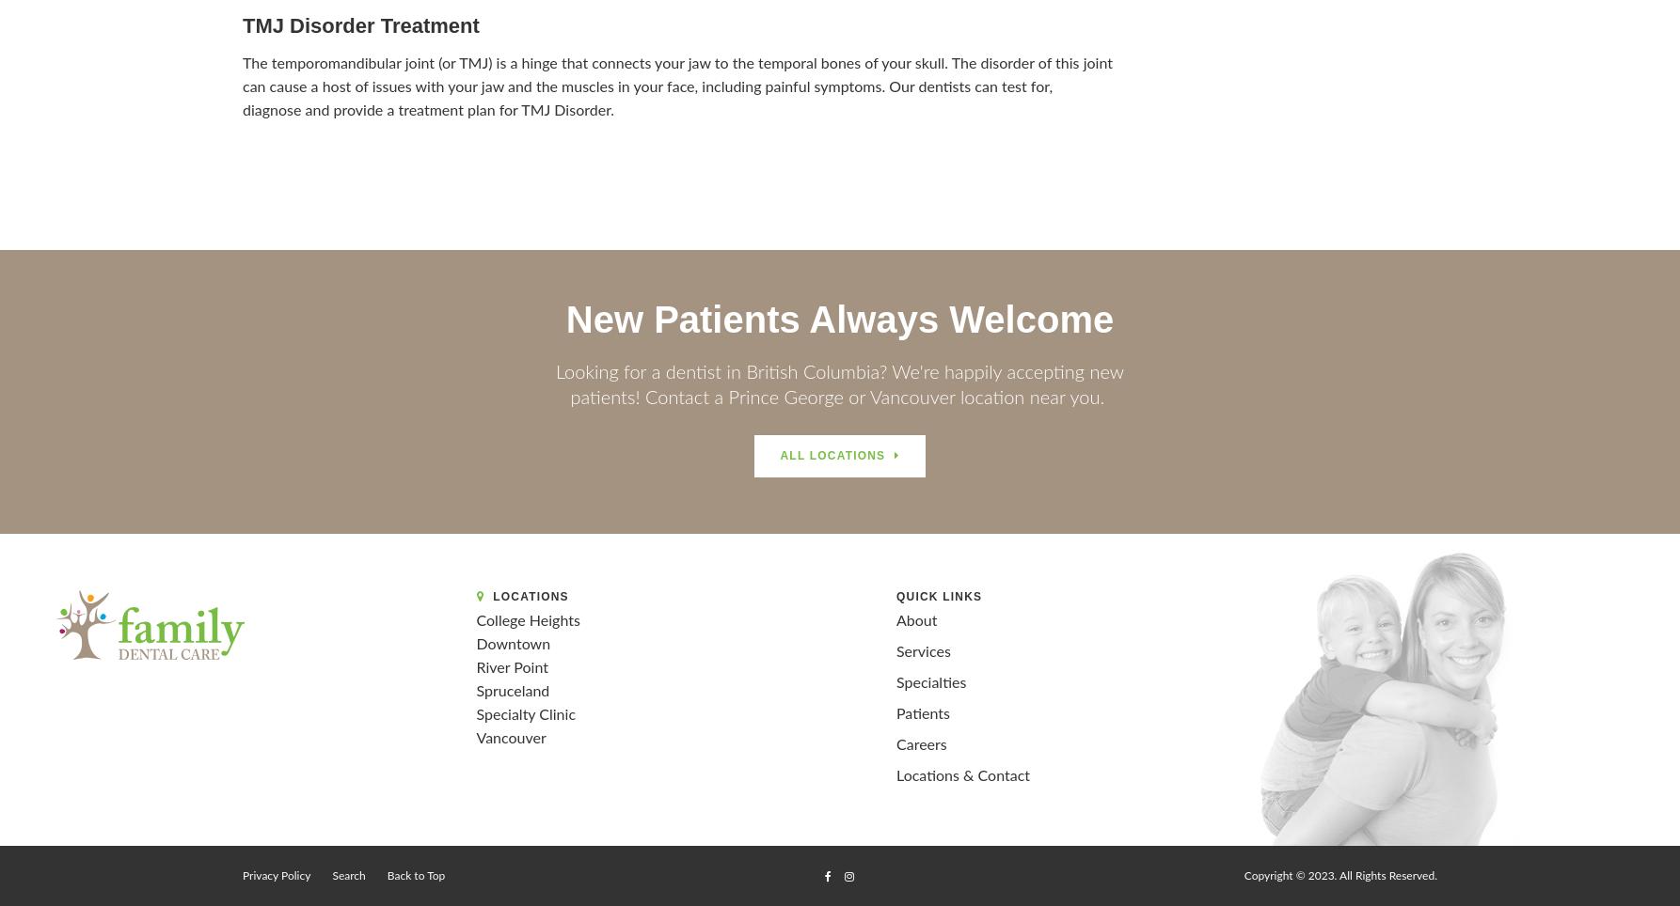 The width and height of the screenshot is (1680, 906). What do you see at coordinates (930, 681) in the screenshot?
I see `'Specialties'` at bounding box center [930, 681].